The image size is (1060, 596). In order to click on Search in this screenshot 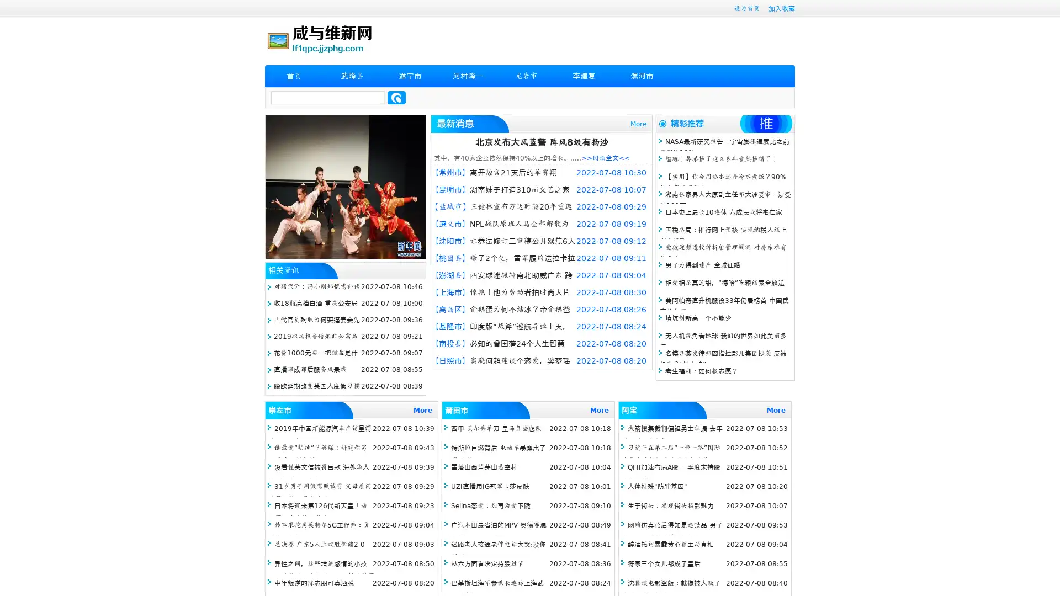, I will do `click(396, 97)`.